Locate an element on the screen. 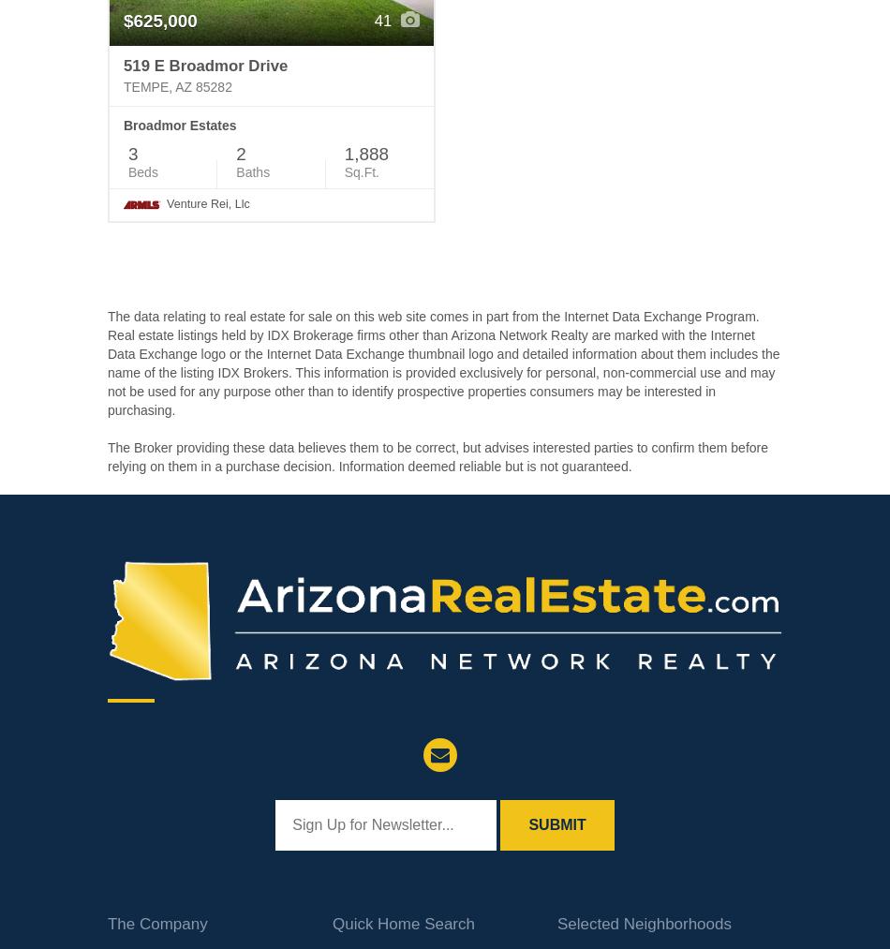  'Broadmor Estates' is located at coordinates (179, 125).